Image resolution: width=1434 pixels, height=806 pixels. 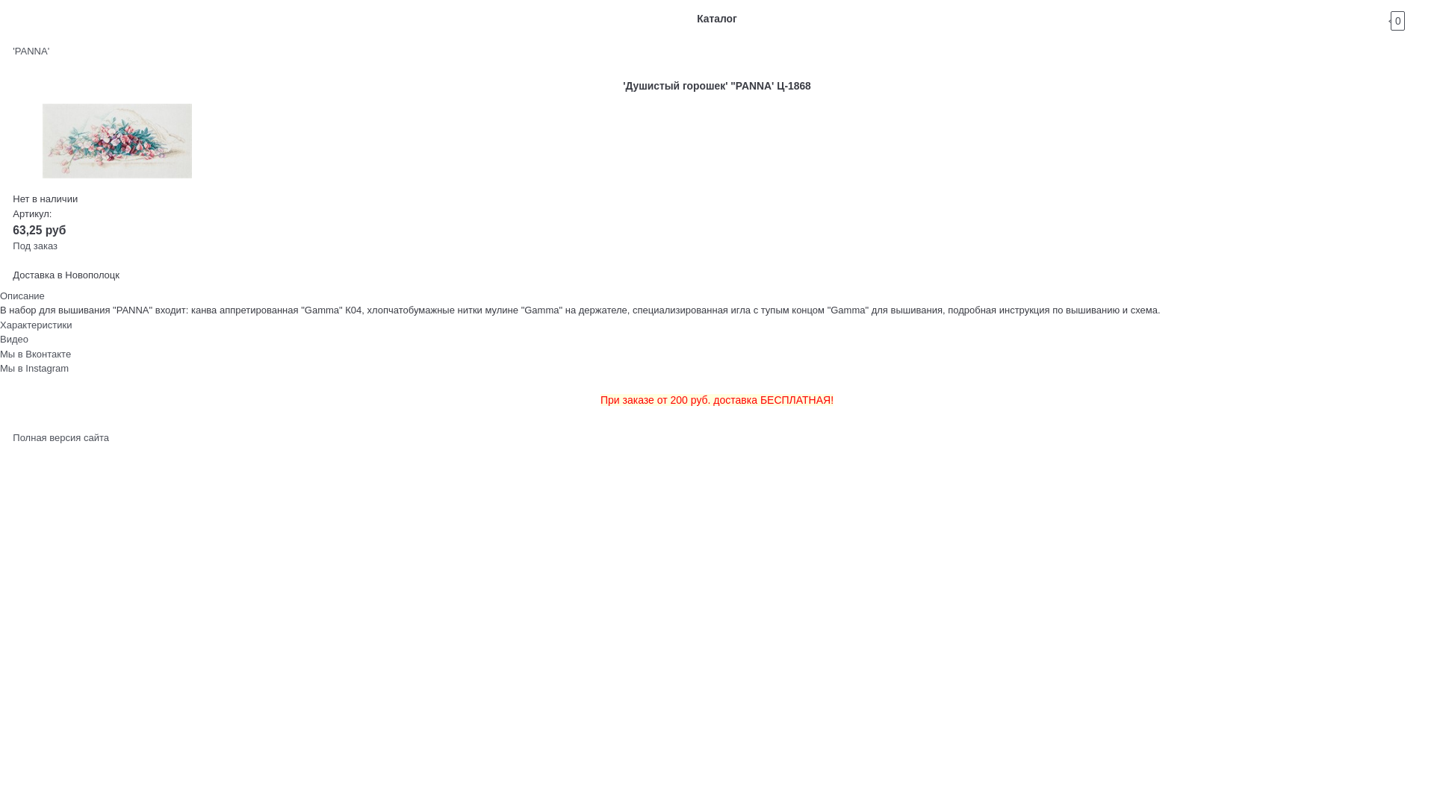 What do you see at coordinates (1410, 18) in the screenshot?
I see `'0'` at bounding box center [1410, 18].